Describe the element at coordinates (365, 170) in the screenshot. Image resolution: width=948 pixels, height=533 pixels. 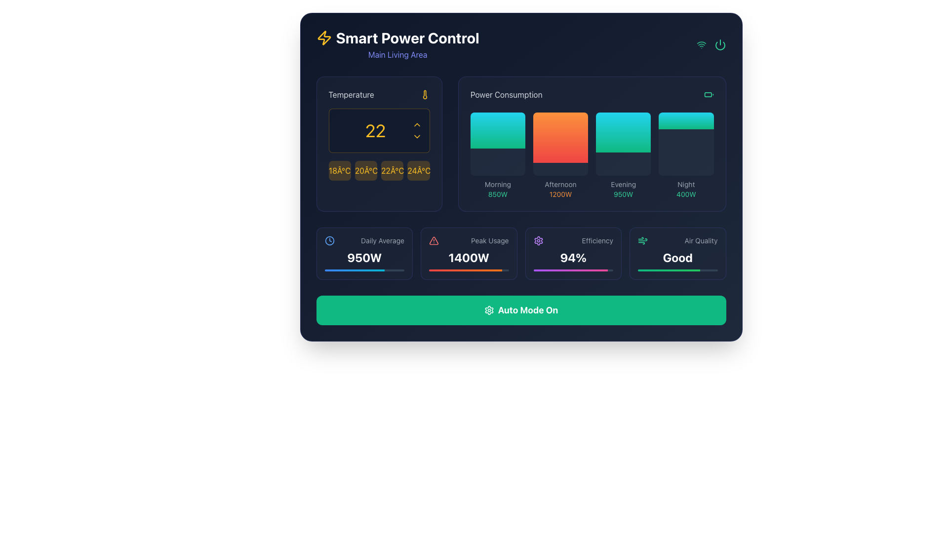
I see `the button displaying '20°C' in amber color, which is the second button in the horizontal grid layout of temperature options` at that location.